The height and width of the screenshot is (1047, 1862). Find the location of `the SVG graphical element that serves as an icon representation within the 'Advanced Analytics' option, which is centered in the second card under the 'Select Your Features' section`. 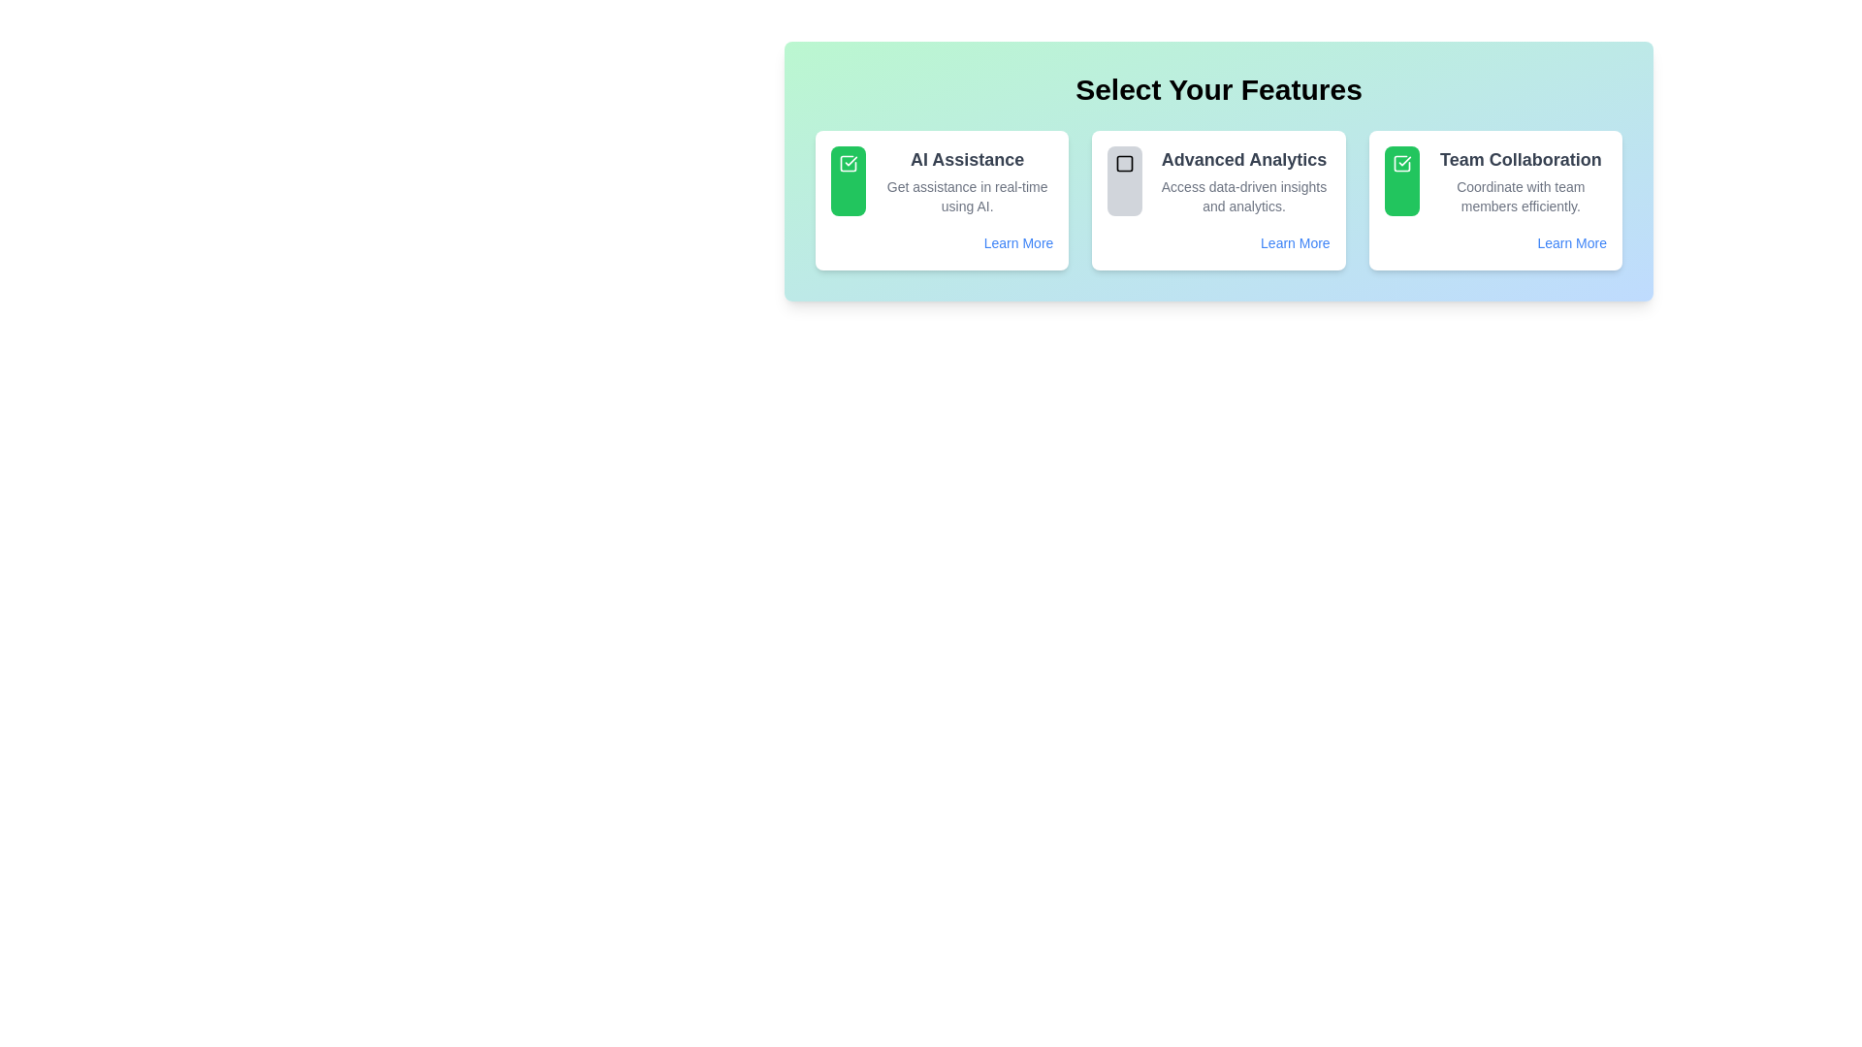

the SVG graphical element that serves as an icon representation within the 'Advanced Analytics' option, which is centered in the second card under the 'Select Your Features' section is located at coordinates (1125, 163).